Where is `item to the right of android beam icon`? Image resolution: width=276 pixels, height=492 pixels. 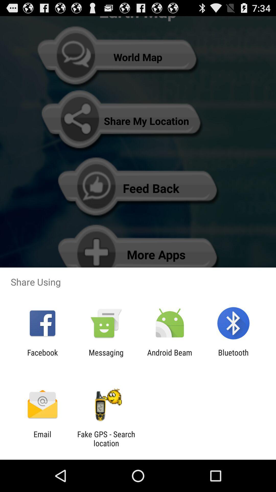 item to the right of android beam icon is located at coordinates (233, 357).